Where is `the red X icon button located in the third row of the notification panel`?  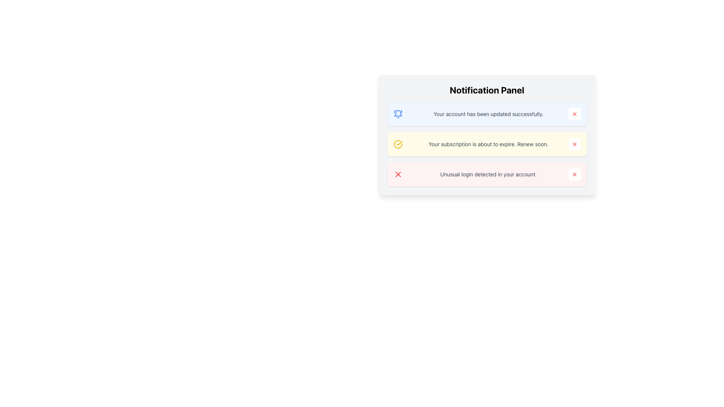 the red X icon button located in the third row of the notification panel is located at coordinates (397, 174).